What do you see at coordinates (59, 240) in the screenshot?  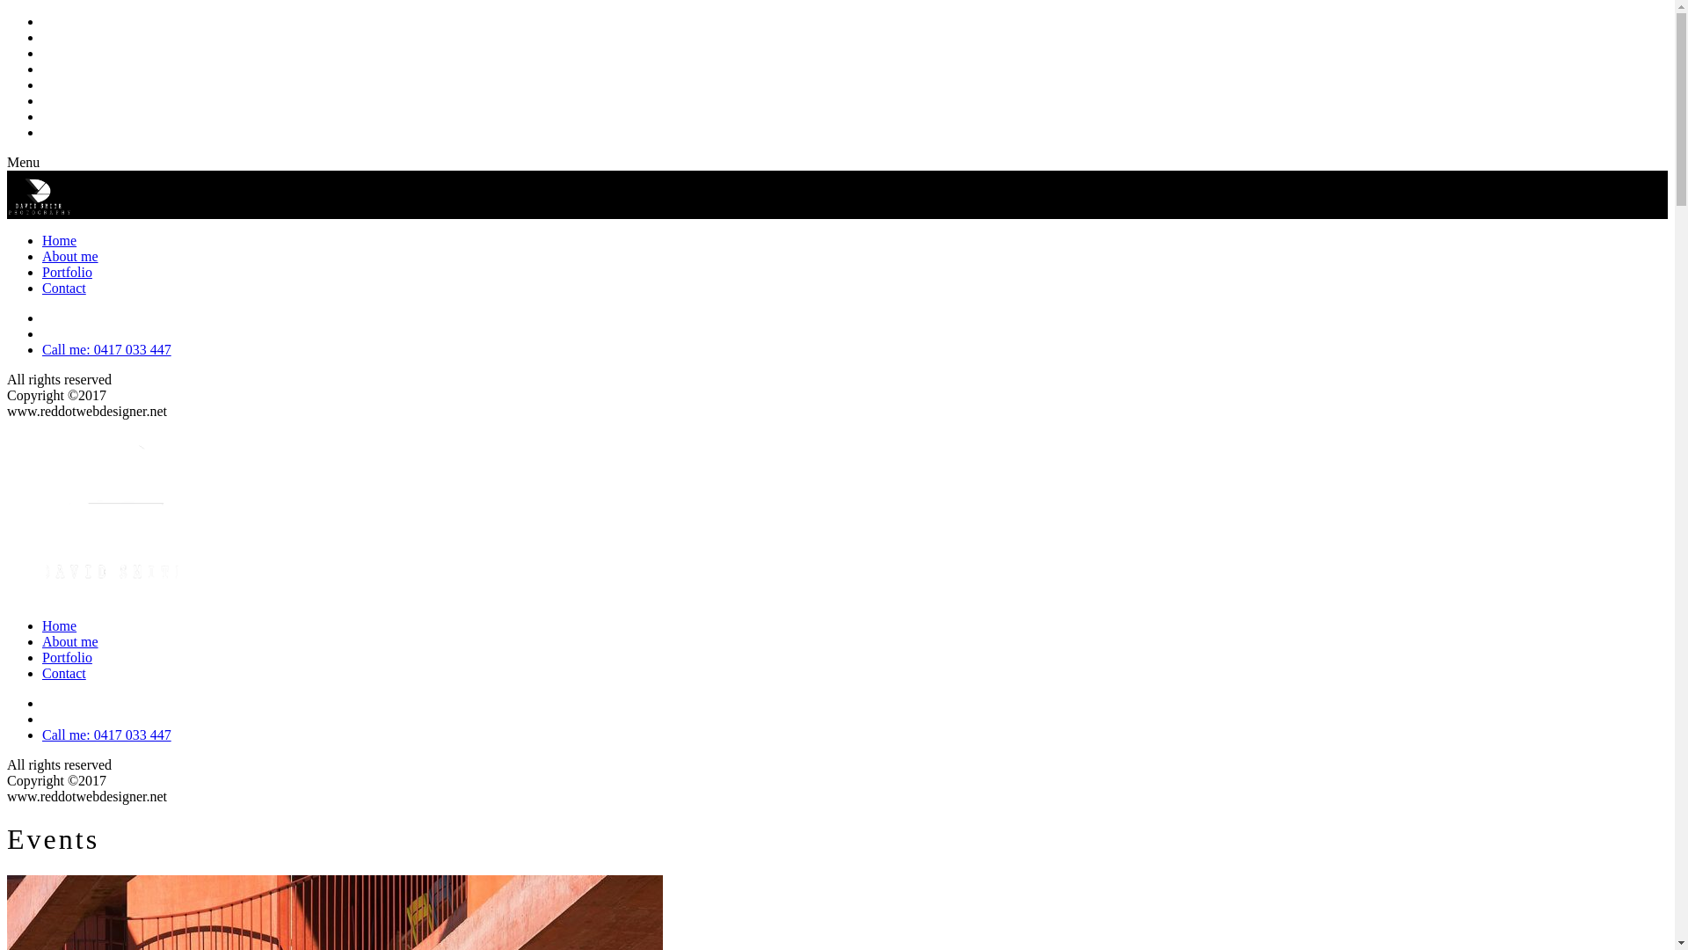 I see `'Home'` at bounding box center [59, 240].